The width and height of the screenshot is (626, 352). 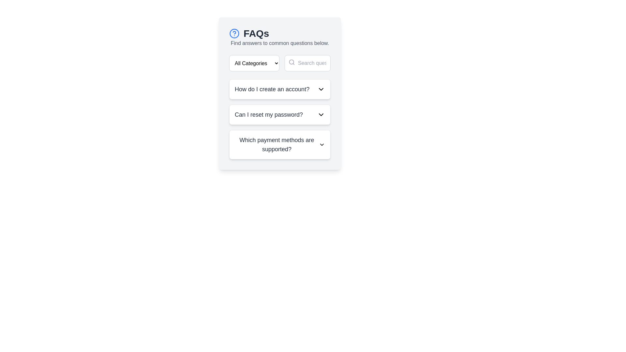 What do you see at coordinates (280, 89) in the screenshot?
I see `the 'How do I create an account?' question in the Expandable FAQ panel` at bounding box center [280, 89].